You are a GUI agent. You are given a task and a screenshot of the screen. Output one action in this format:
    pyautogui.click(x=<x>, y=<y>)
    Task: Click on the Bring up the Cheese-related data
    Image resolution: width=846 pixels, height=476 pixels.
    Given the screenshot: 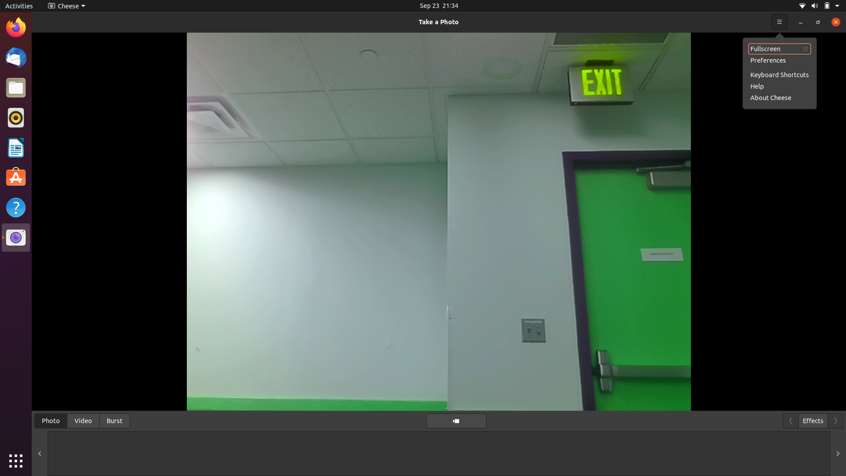 What is the action you would take?
    pyautogui.click(x=833, y=21)
    